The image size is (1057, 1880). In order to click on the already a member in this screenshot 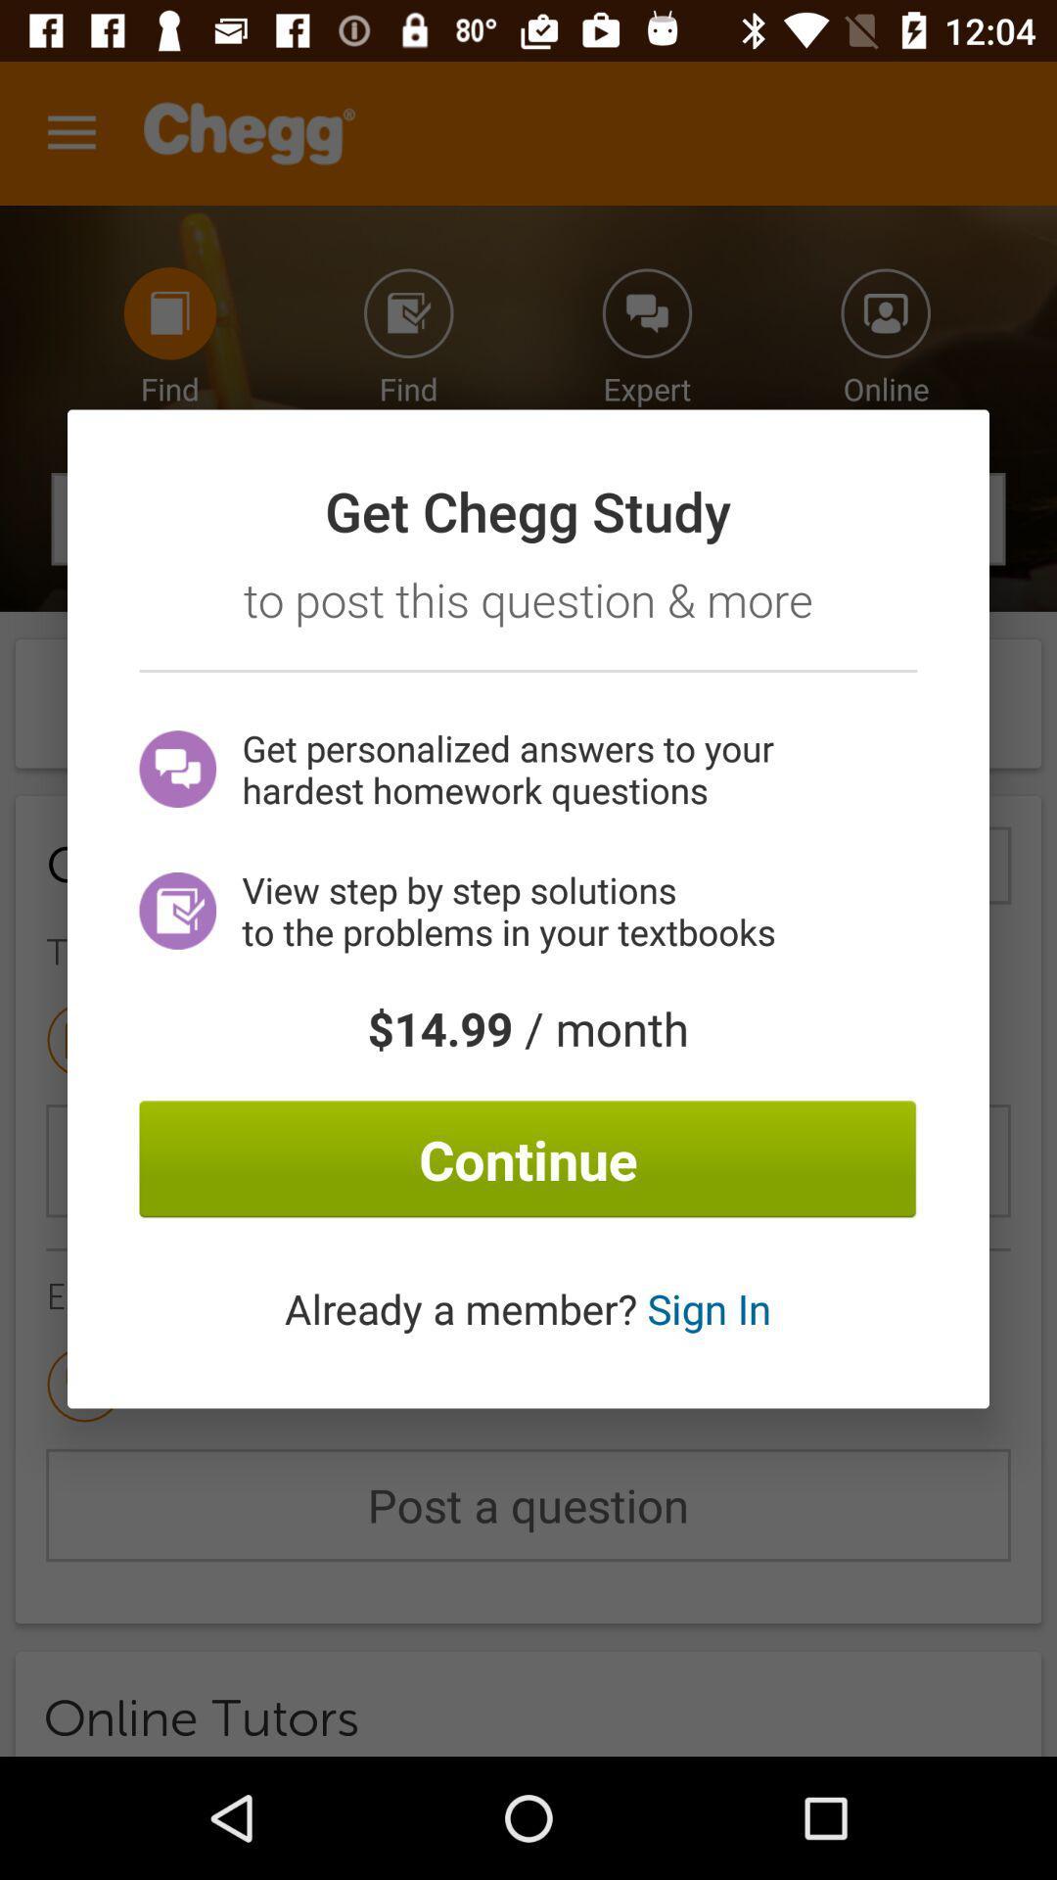, I will do `click(527, 1308)`.